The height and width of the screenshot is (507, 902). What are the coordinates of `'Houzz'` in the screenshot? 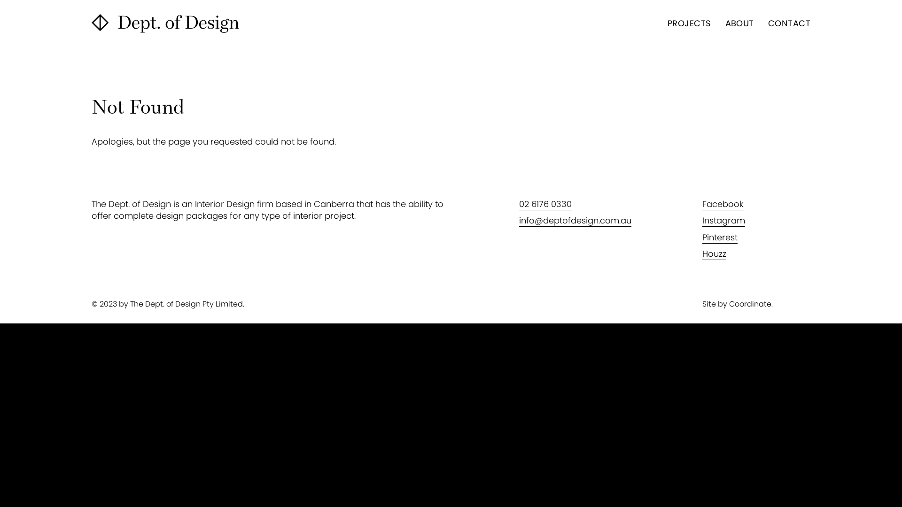 It's located at (714, 253).